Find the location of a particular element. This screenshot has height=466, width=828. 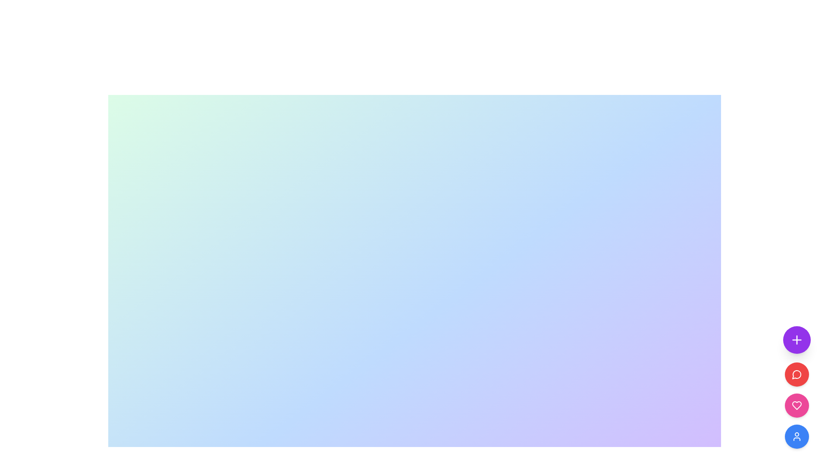

the circular button with a red background and a white speech bubble icon, which is the second button in a vertical stack of buttons is located at coordinates (797, 374).